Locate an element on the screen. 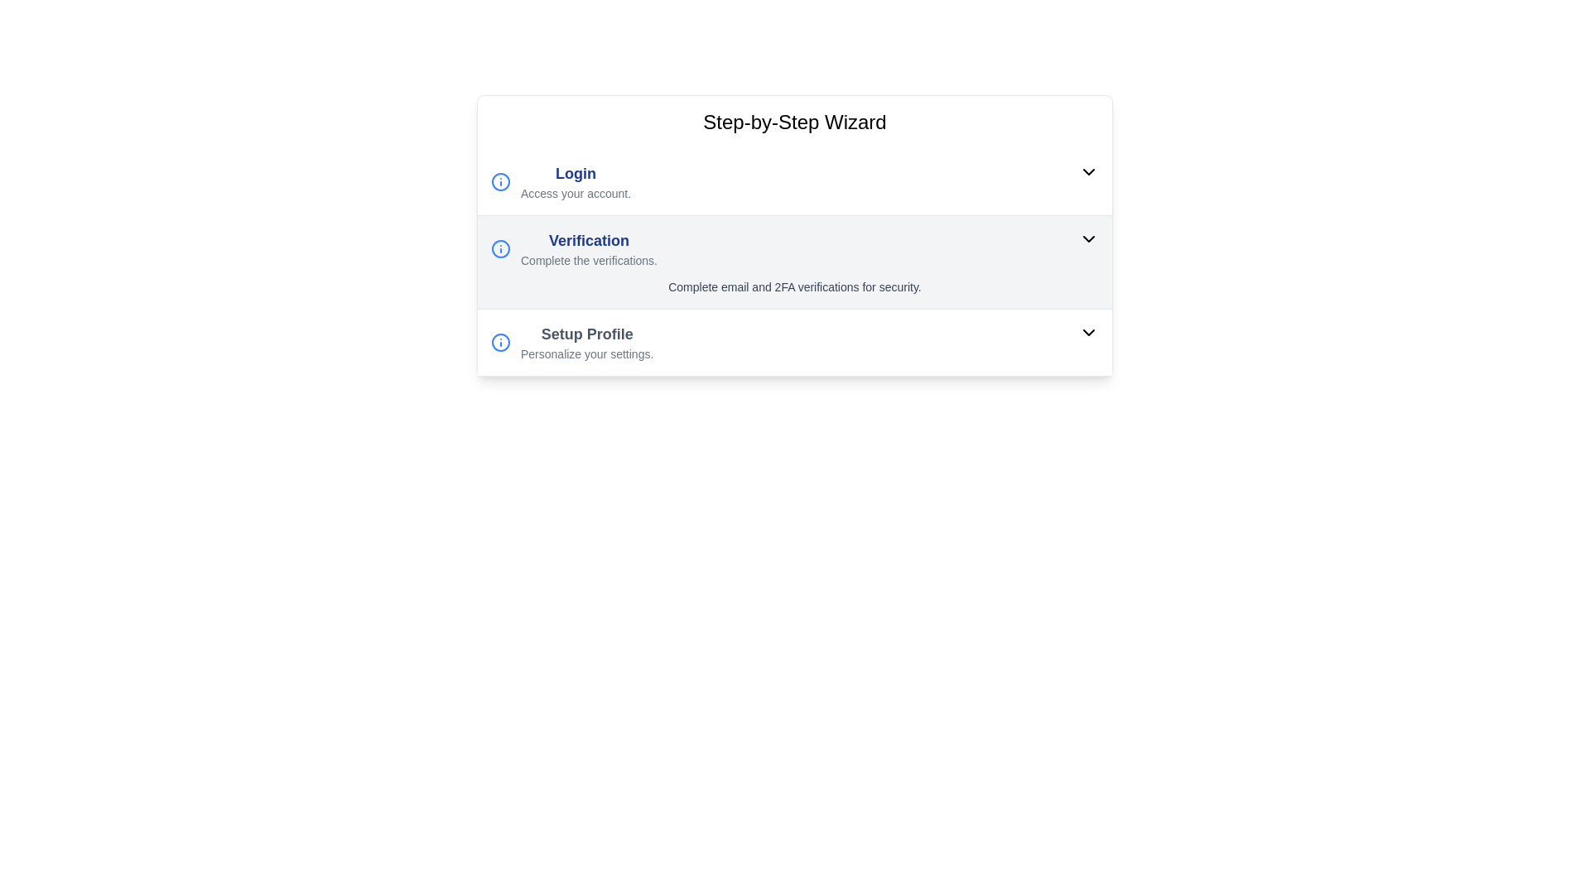  text content of the title and description for the 'Login' step, located at the top-left of the stepper interface is located at coordinates (576, 181).